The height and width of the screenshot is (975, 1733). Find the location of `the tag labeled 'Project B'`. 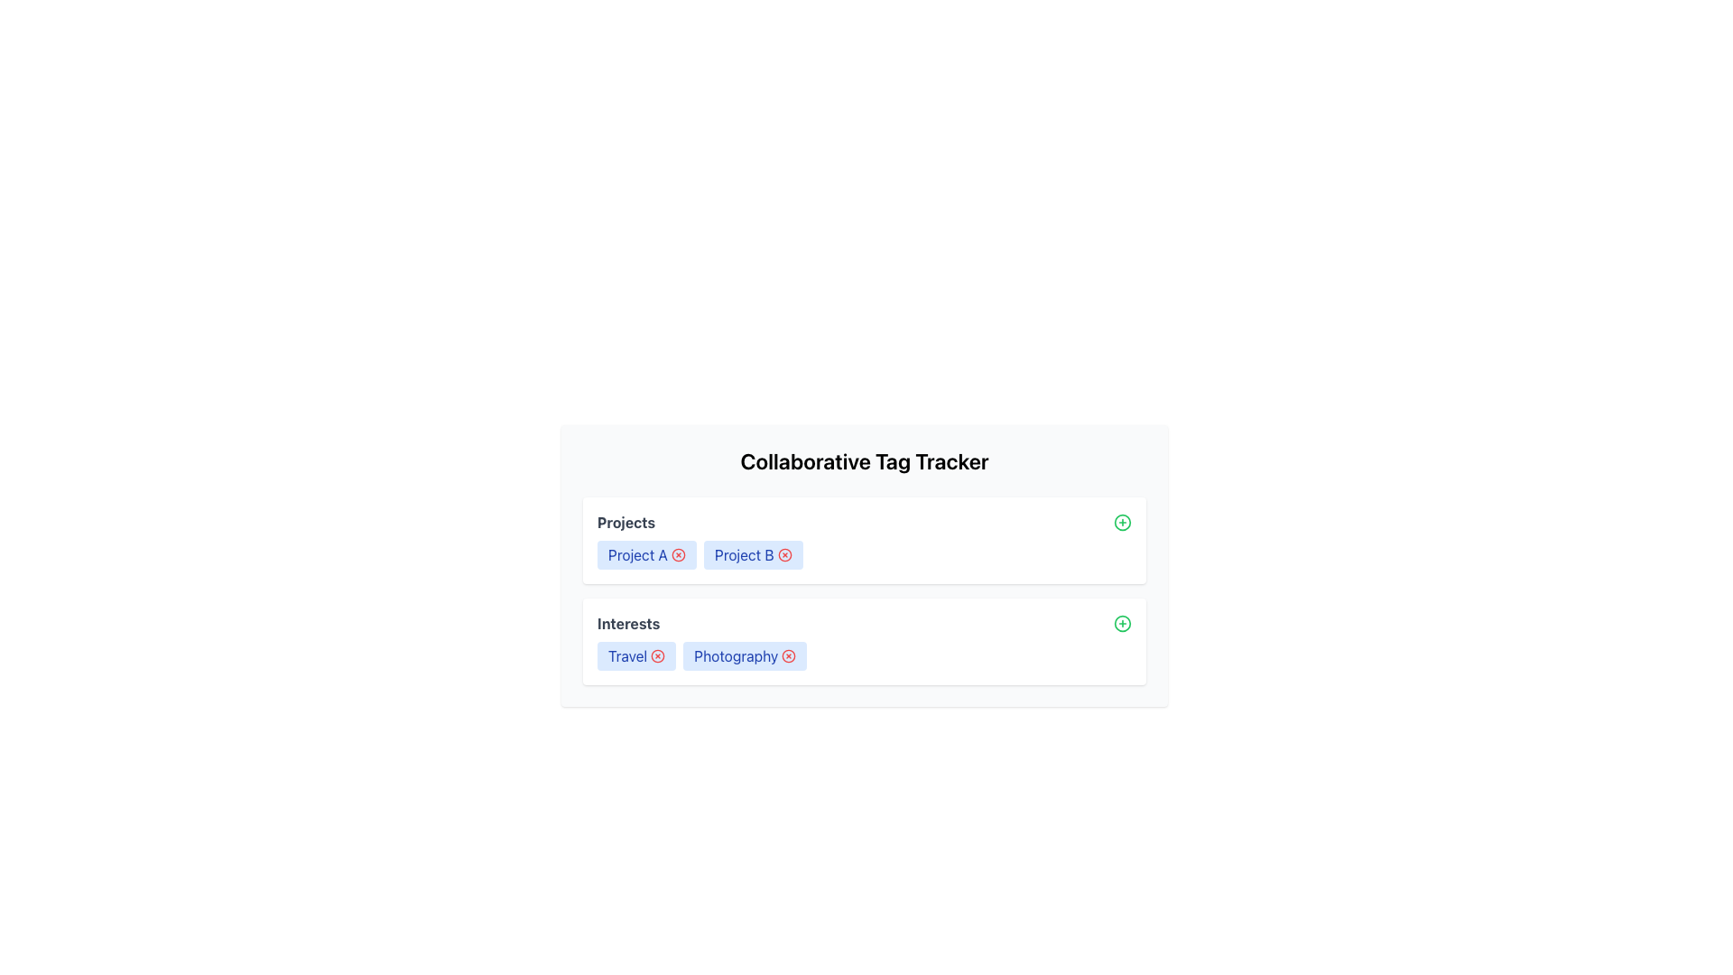

the tag labeled 'Project B' is located at coordinates (753, 553).